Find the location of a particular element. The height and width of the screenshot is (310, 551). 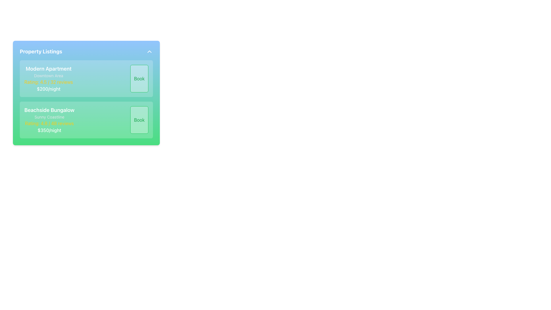

the 'Book' button located at the bottom right corner of the 'Beachside Bungalow' section is located at coordinates (139, 119).